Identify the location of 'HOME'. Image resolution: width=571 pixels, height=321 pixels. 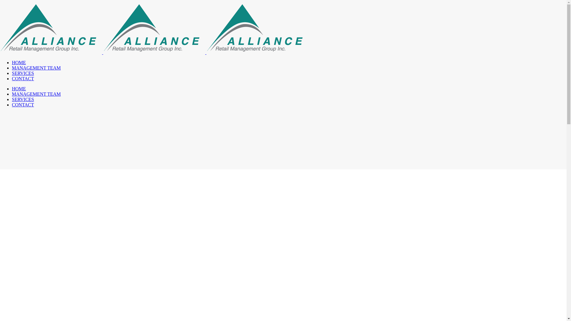
(19, 89).